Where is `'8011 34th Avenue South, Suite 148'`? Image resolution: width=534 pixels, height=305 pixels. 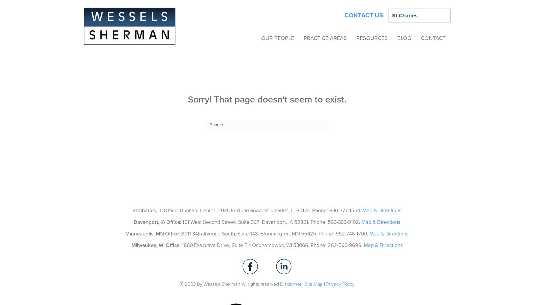
'8011 34th Avenue South, Suite 148' is located at coordinates (219, 233).